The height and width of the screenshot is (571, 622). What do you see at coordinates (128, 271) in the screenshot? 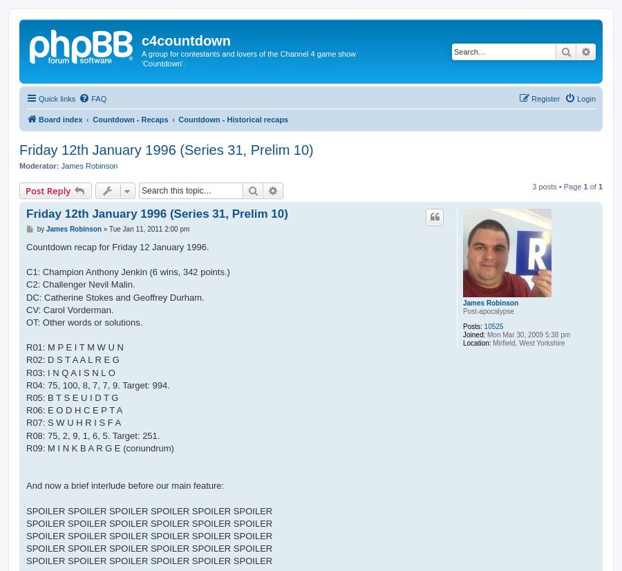
I see `'C1: Champion Anthony Jenkin (6 wins, 342 points.)'` at bounding box center [128, 271].